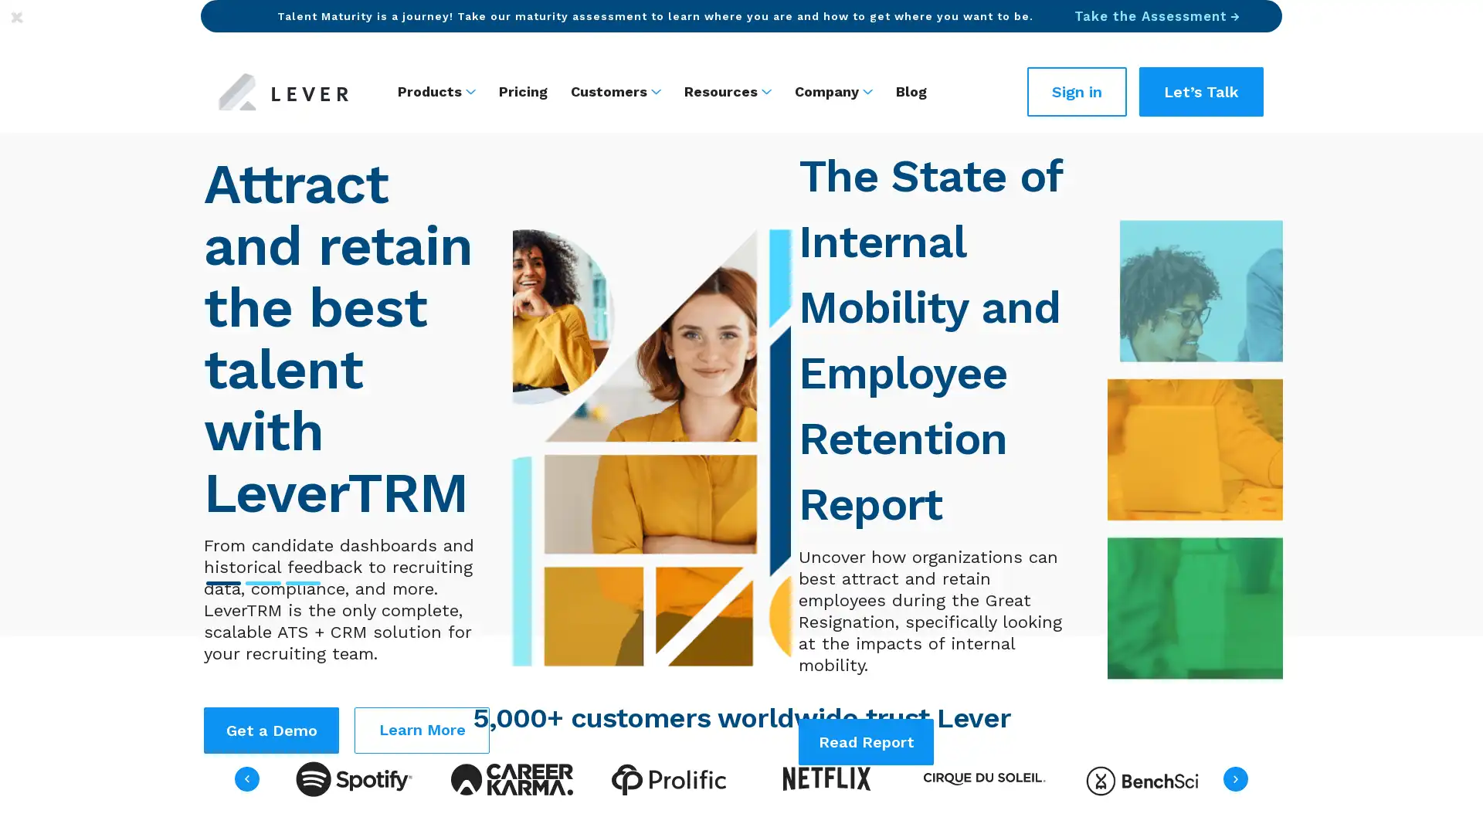 The image size is (1483, 834). What do you see at coordinates (1157, 15) in the screenshot?
I see `Take the Assessment` at bounding box center [1157, 15].